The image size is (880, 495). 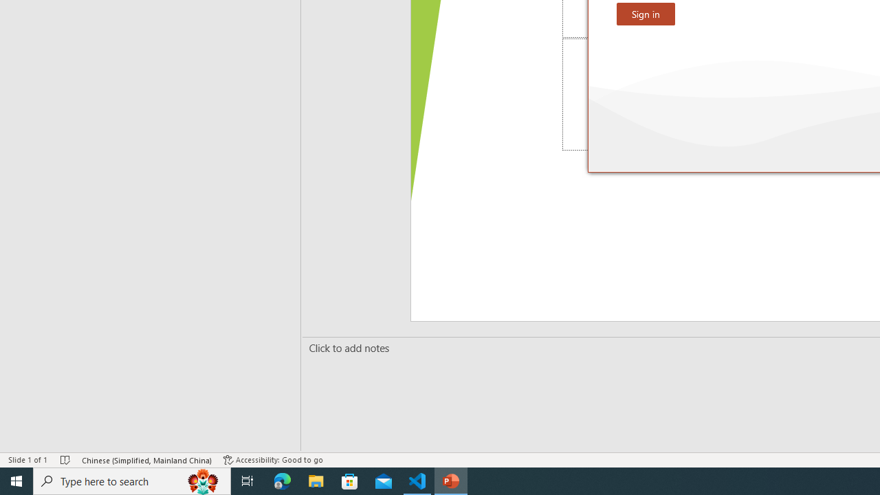 I want to click on 'Sign in', so click(x=645, y=14).